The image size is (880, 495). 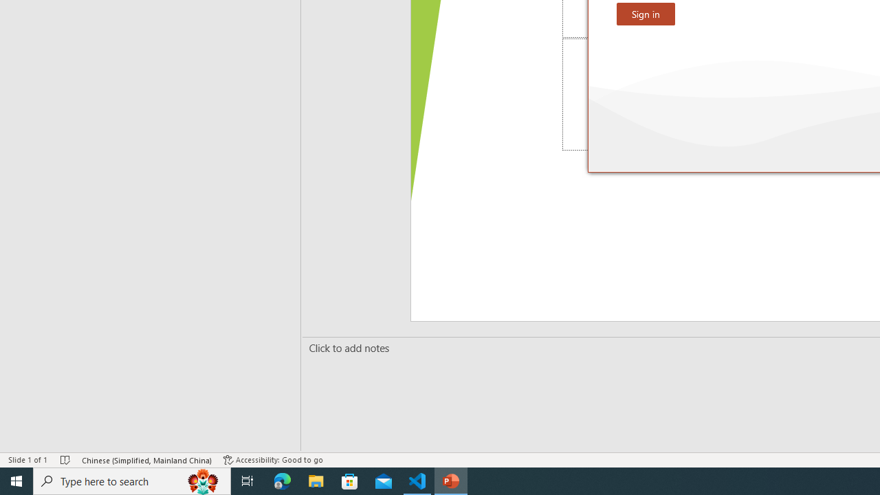 I want to click on 'Sign in', so click(x=645, y=14).